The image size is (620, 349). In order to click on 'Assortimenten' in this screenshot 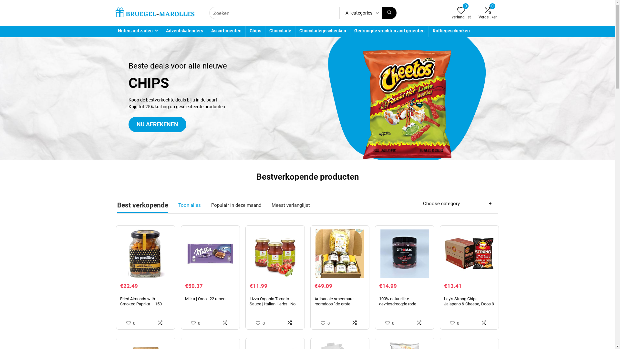, I will do `click(226, 31)`.